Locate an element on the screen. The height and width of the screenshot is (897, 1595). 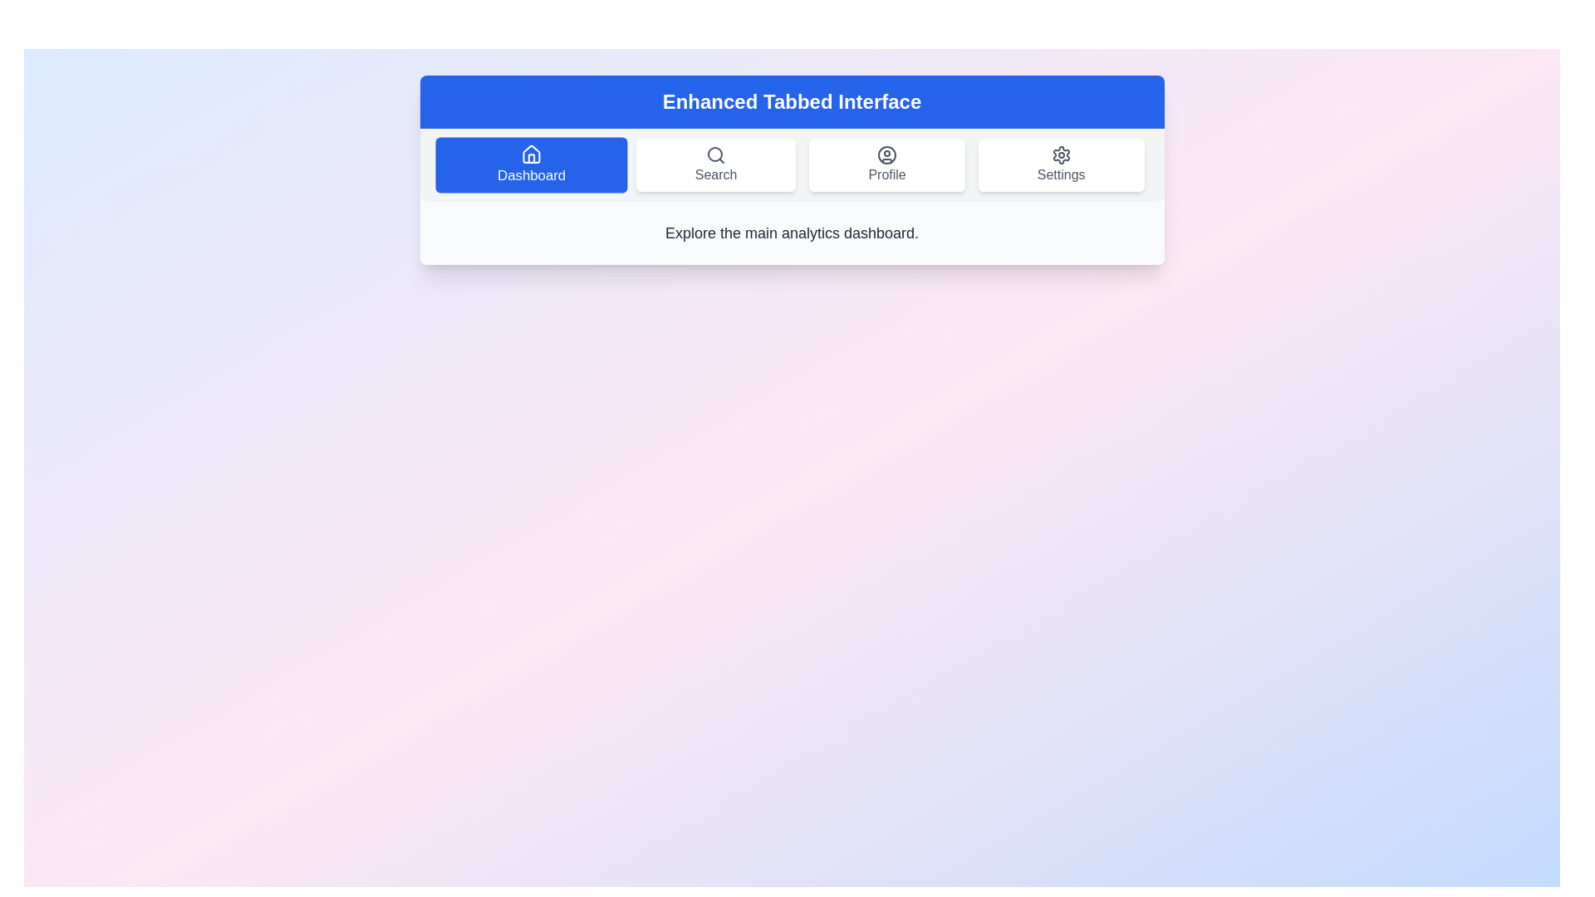
the navigation button for the Profile section, which is located between the 'Search' and 'Settings' options in the navigation bar is located at coordinates (886, 165).